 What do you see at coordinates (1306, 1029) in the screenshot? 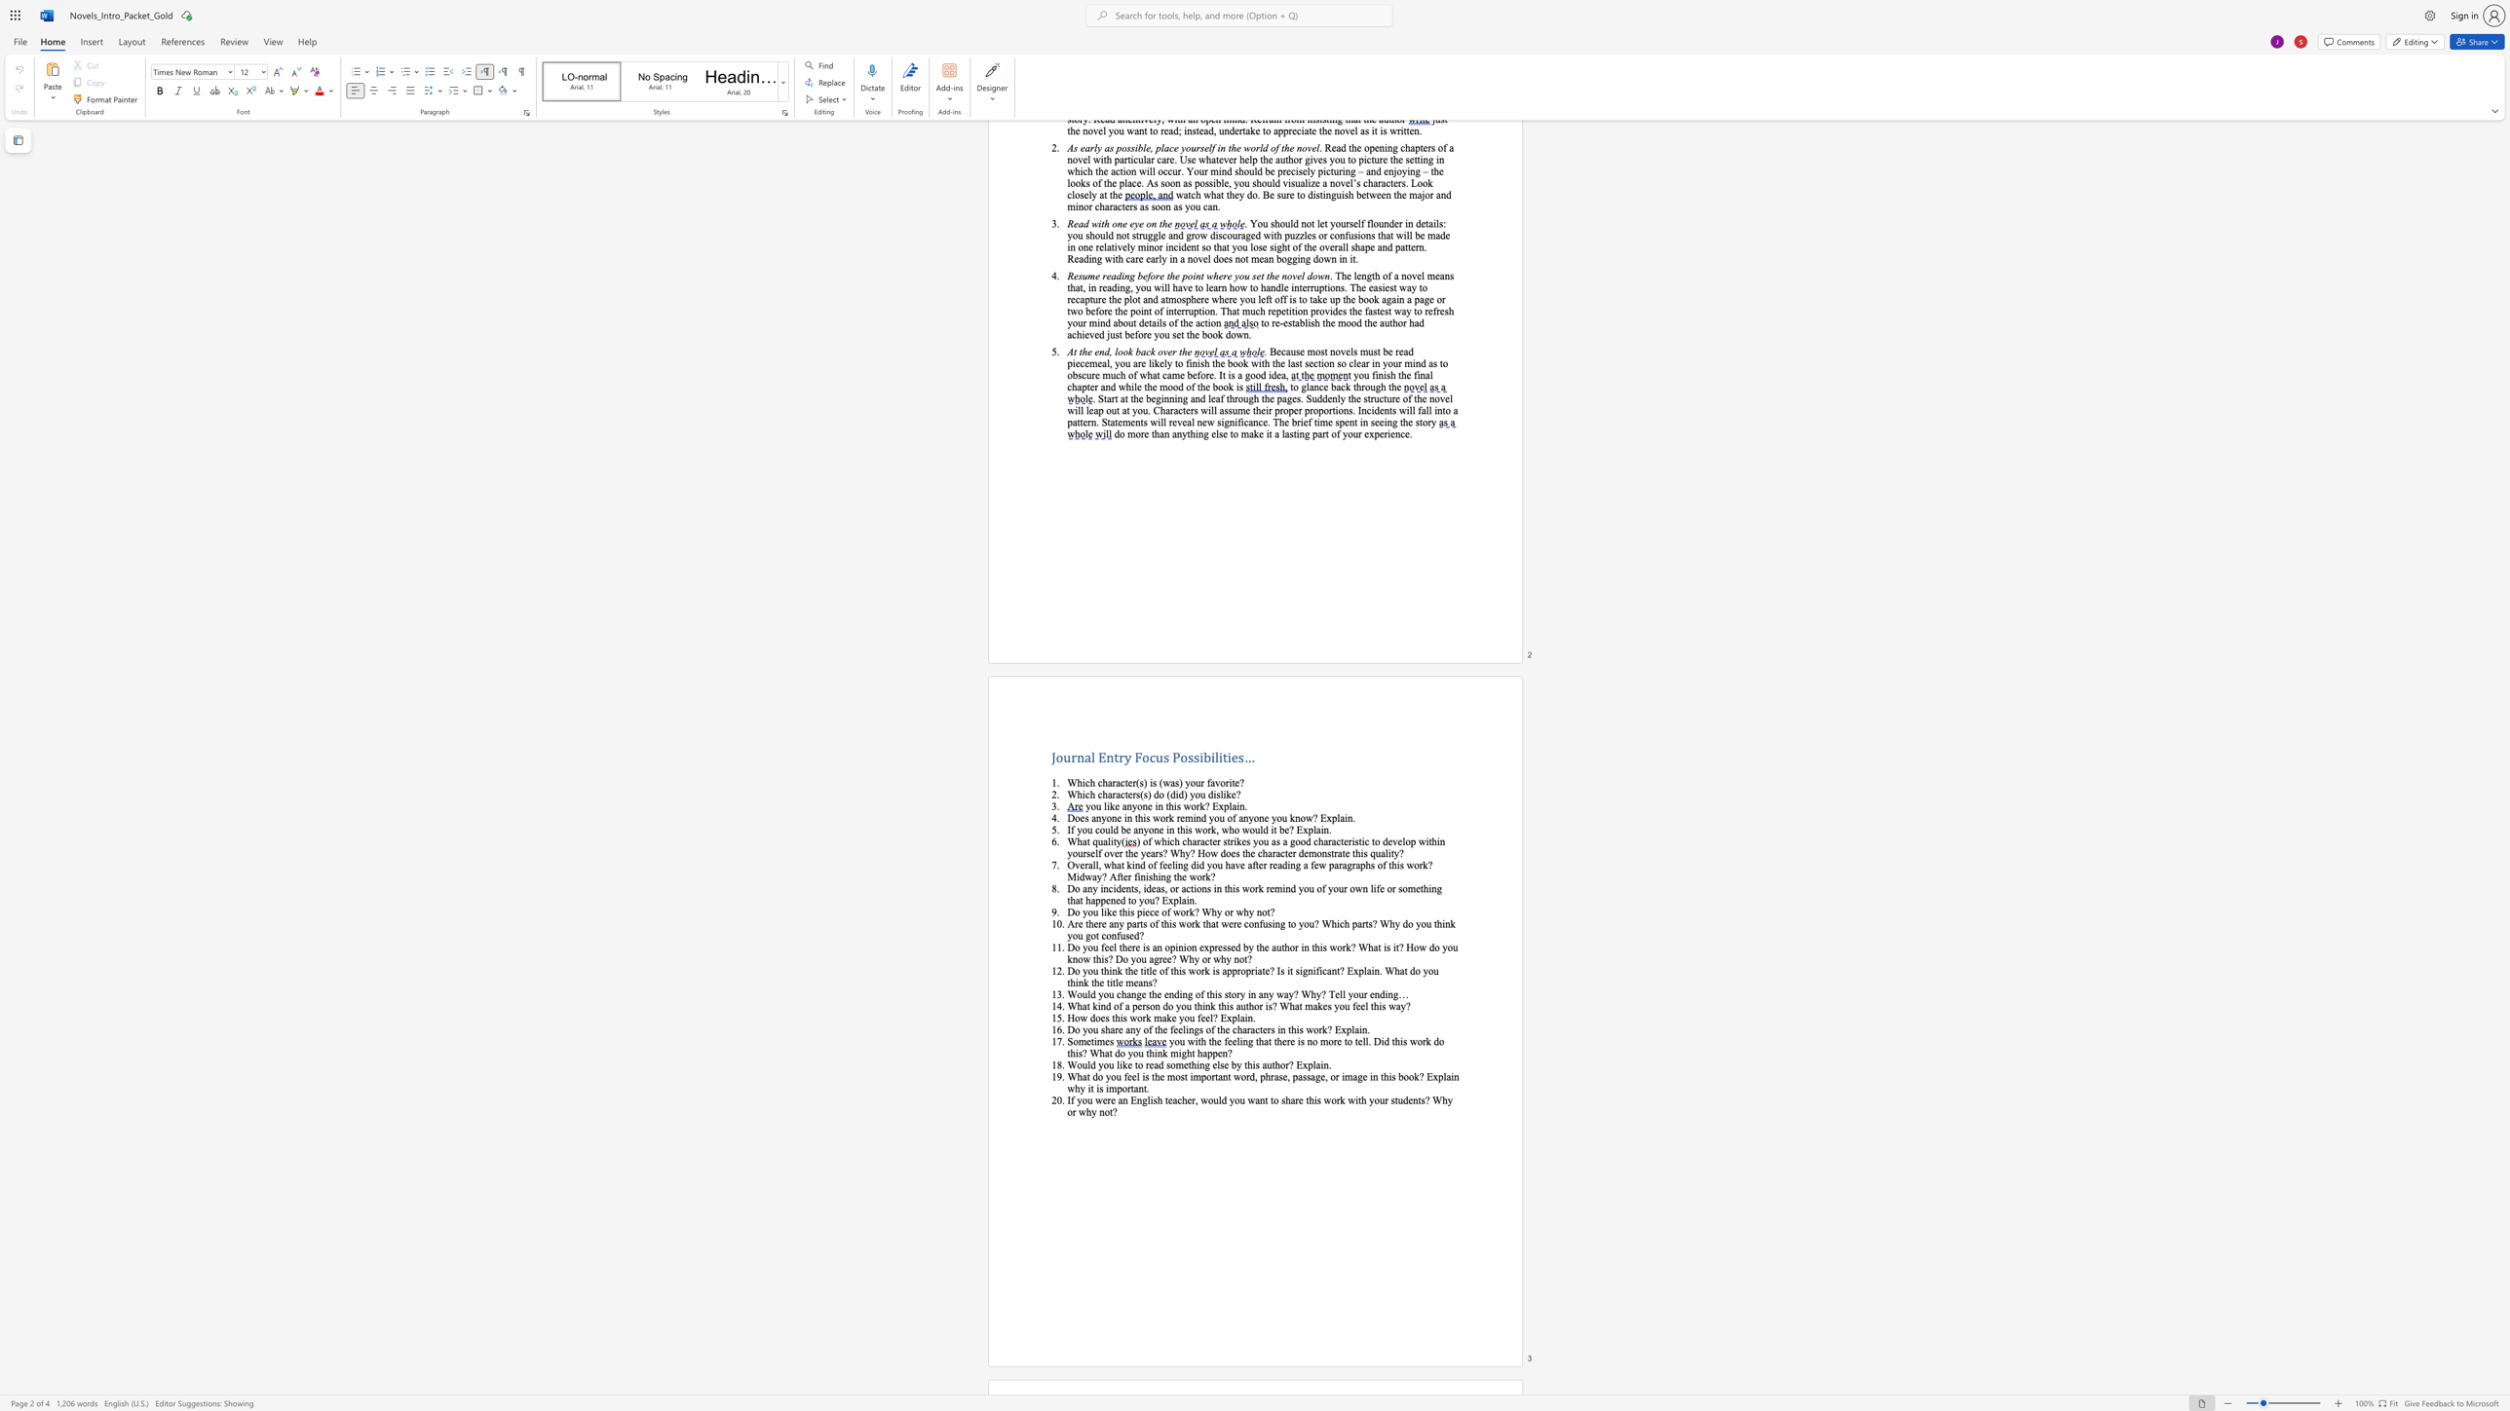
I see `the subset text "work? Expla" within the text "Do you share any of the feelings of the characters in this work? Explain."` at bounding box center [1306, 1029].